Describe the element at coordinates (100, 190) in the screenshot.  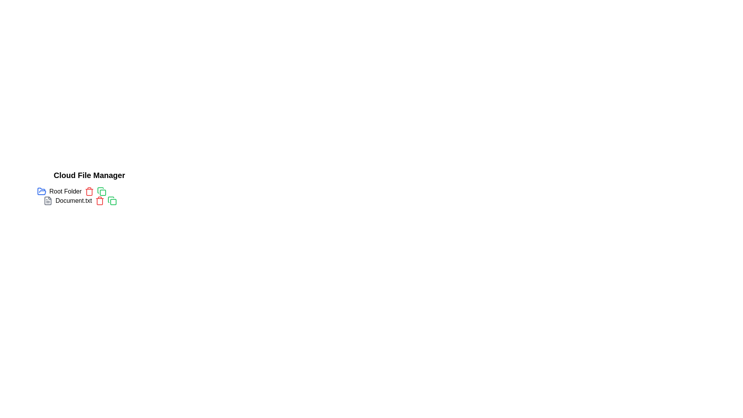
I see `the duplicate icon located adjacent to the 'Document.txt' file name to initiate the copy action` at that location.